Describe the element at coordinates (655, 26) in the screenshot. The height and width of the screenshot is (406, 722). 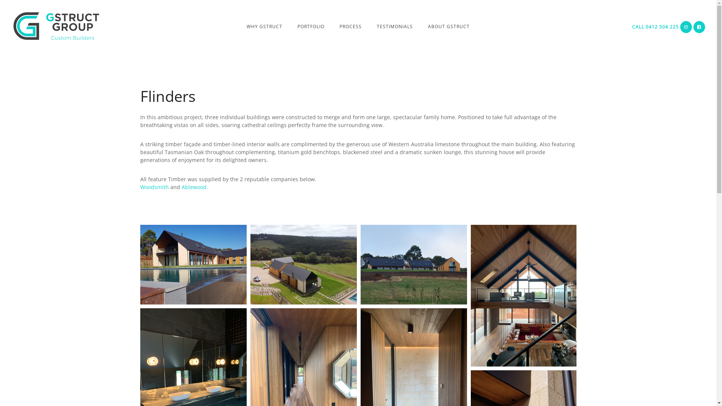
I see `'CALL 0412 504 225'` at that location.